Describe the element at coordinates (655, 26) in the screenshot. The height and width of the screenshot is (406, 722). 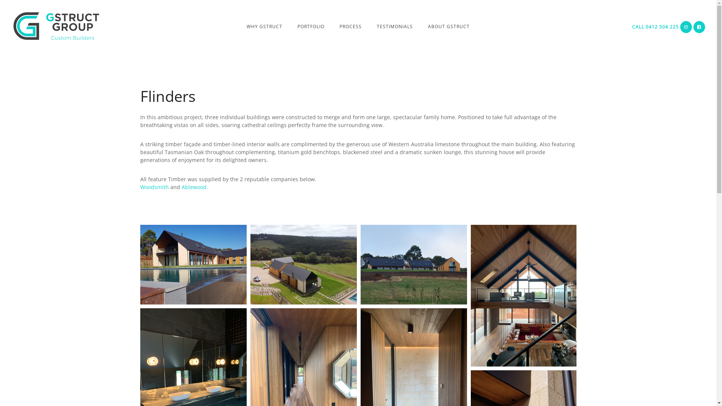
I see `'CALL 0412 504 225'` at that location.